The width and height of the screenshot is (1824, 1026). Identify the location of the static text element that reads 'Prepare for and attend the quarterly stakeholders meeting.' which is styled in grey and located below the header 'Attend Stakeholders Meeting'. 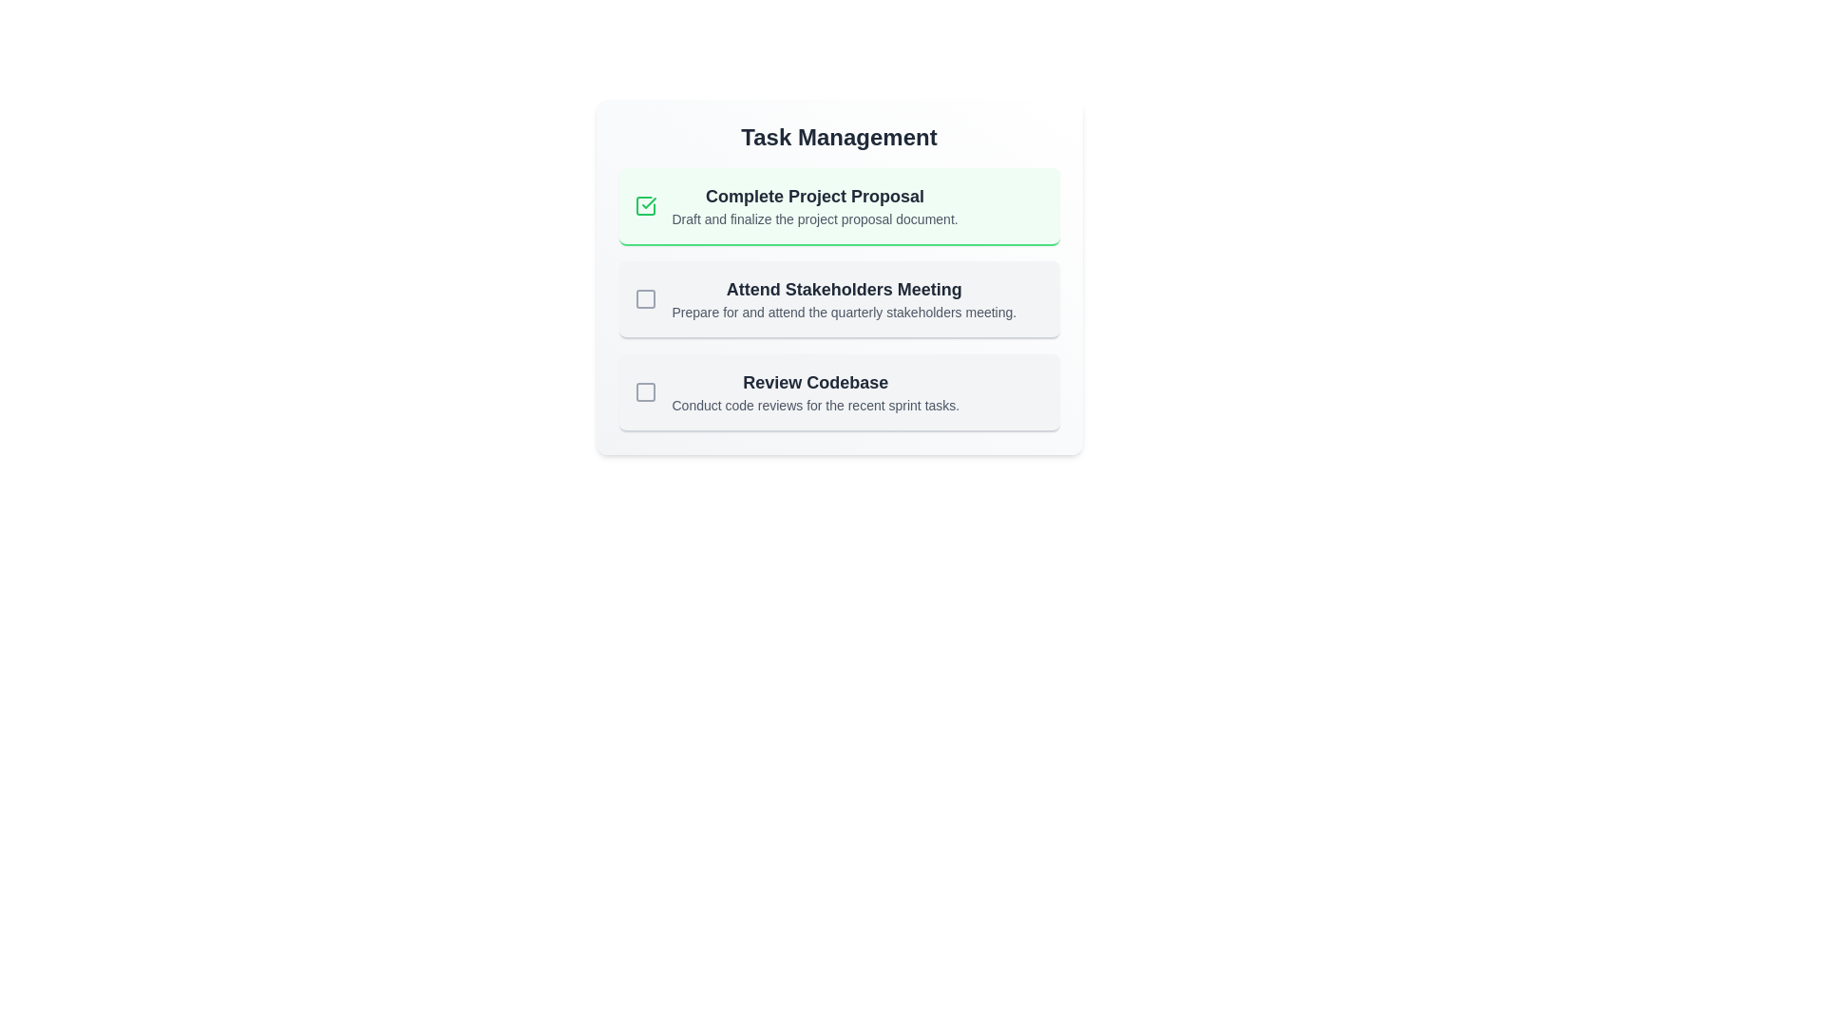
(843, 311).